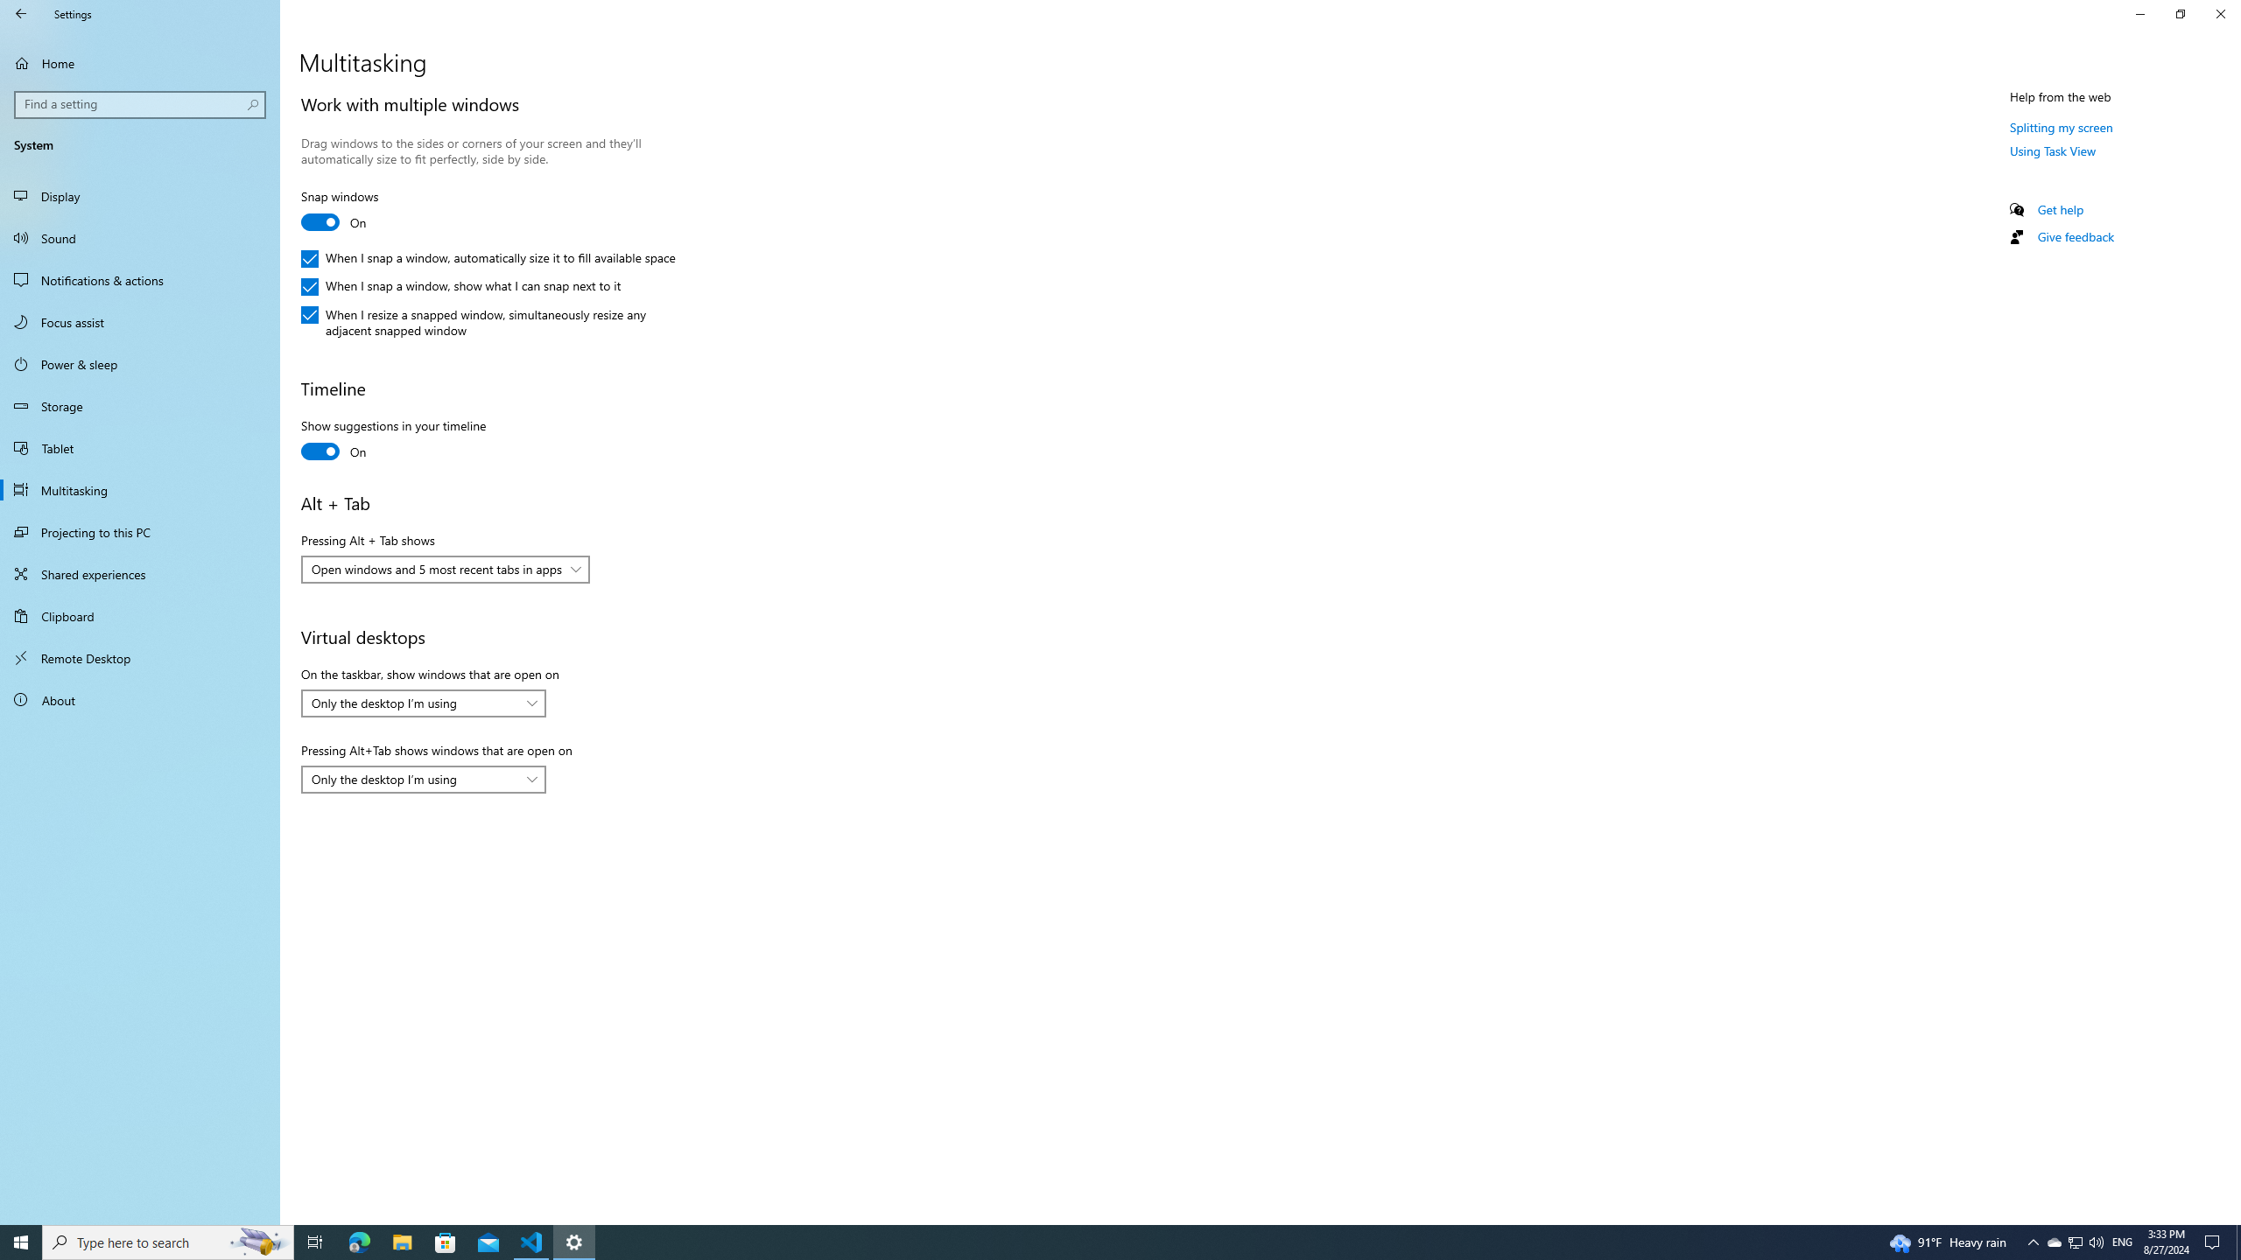  Describe the element at coordinates (2034, 1241) in the screenshot. I see `'Notification Chevron'` at that location.